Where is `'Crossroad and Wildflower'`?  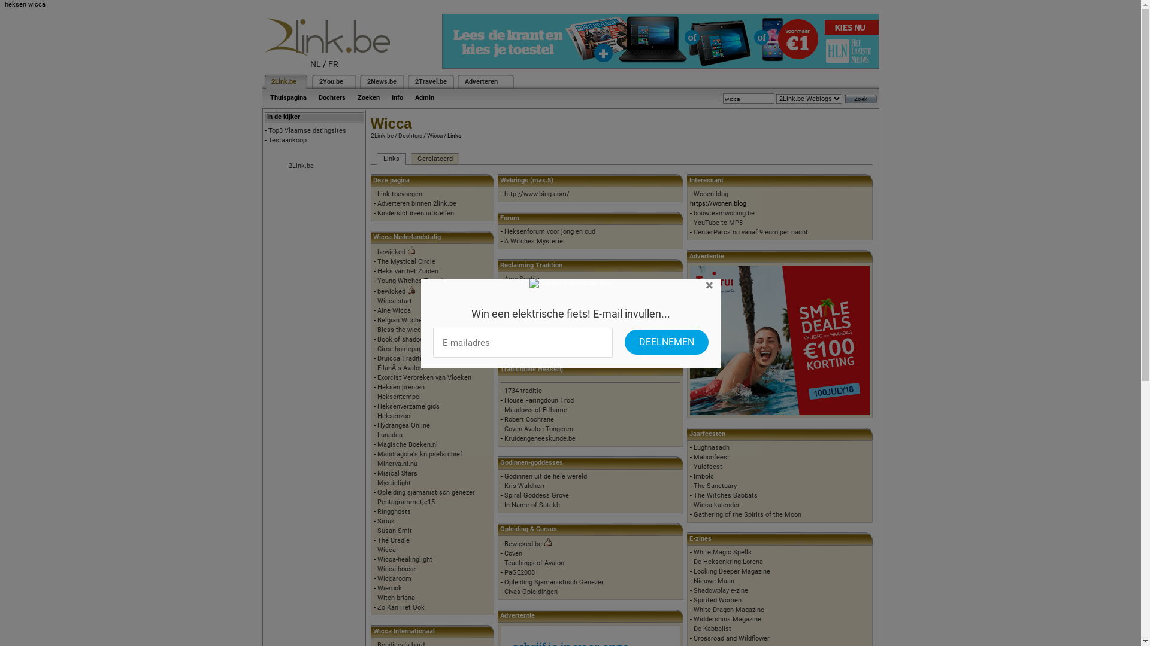
'Crossroad and Wildflower' is located at coordinates (693, 638).